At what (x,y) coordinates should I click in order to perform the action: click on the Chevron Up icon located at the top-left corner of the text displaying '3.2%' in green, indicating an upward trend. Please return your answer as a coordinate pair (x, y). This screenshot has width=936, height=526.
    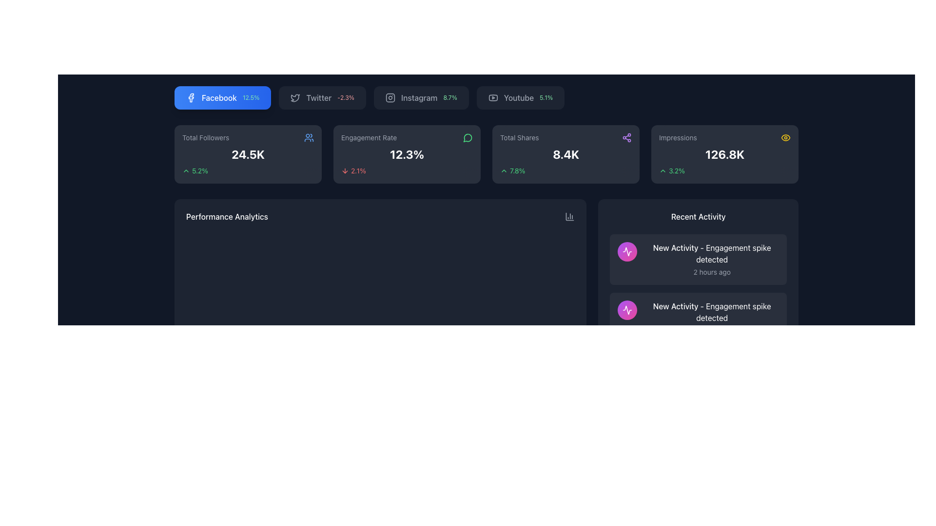
    Looking at the image, I should click on (663, 170).